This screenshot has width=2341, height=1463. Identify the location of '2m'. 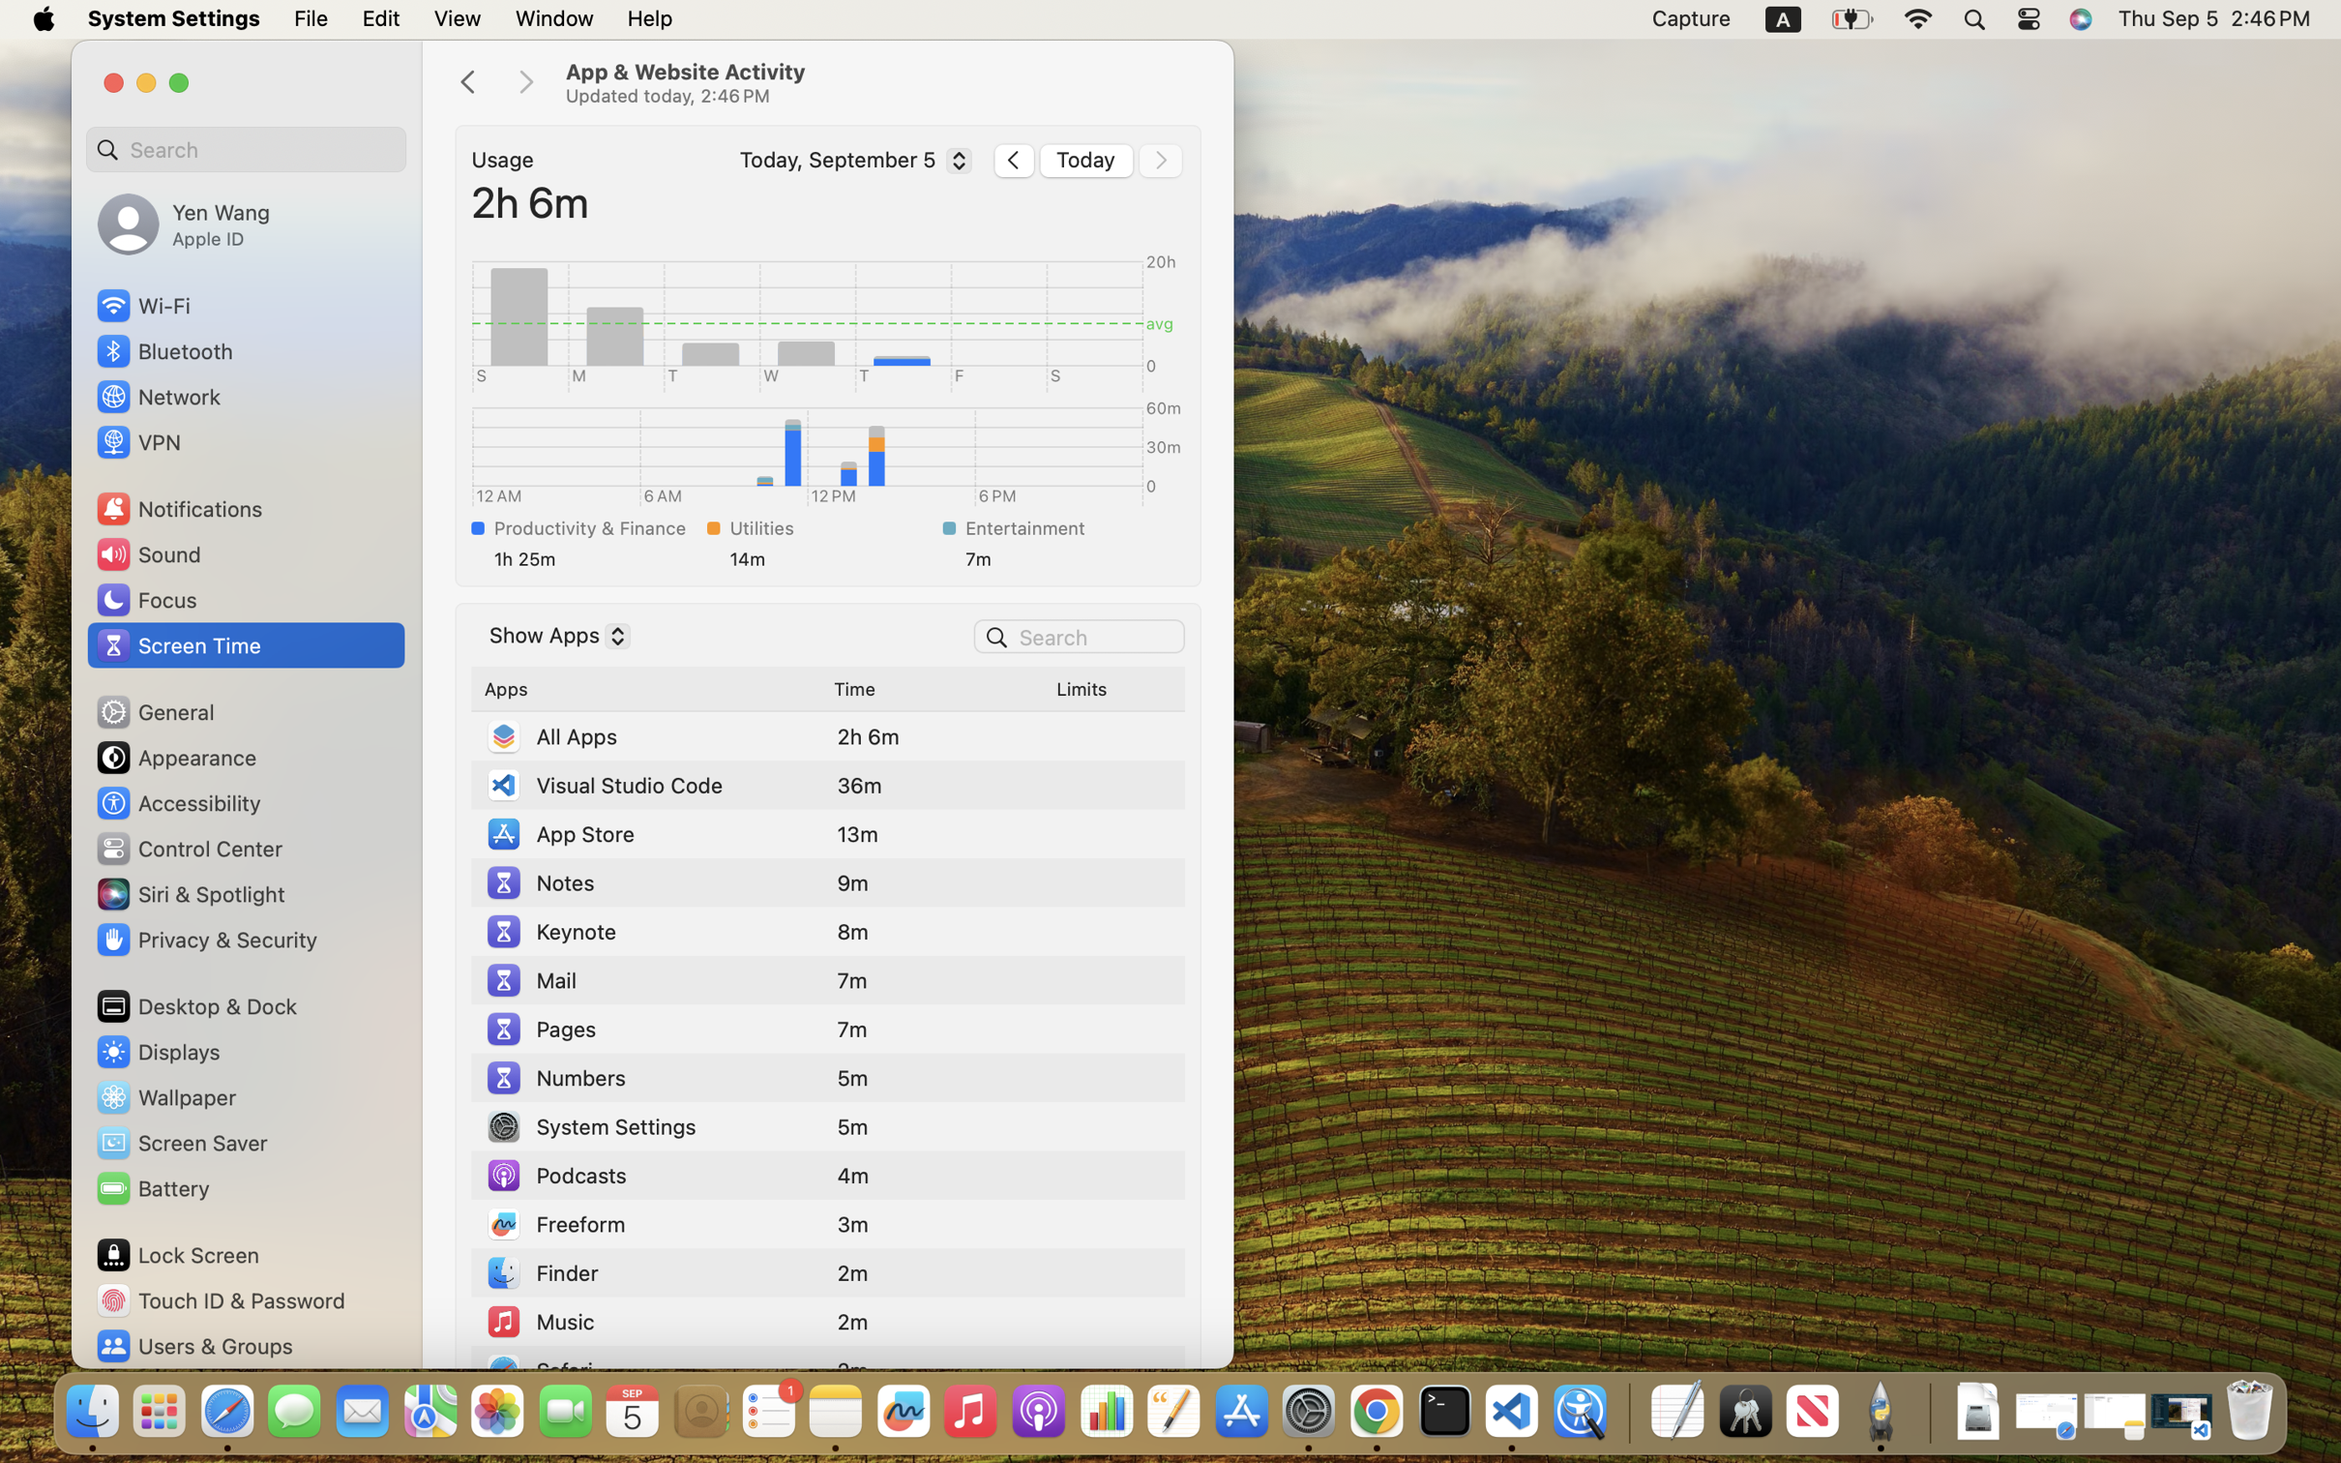
(852, 1272).